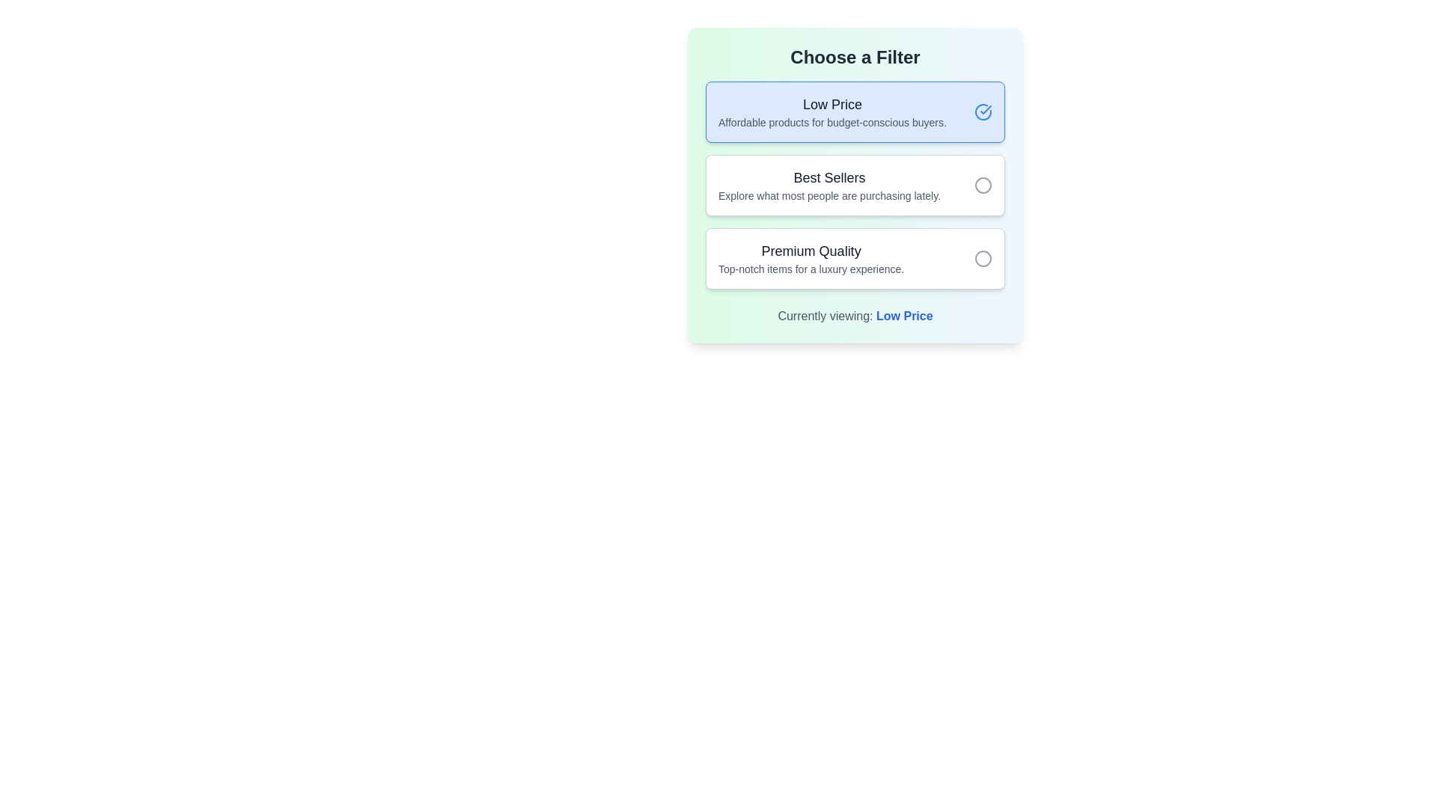 Image resolution: width=1437 pixels, height=808 pixels. I want to click on the circular radio button located within the third option card titled 'Premium Quality', so click(983, 258).